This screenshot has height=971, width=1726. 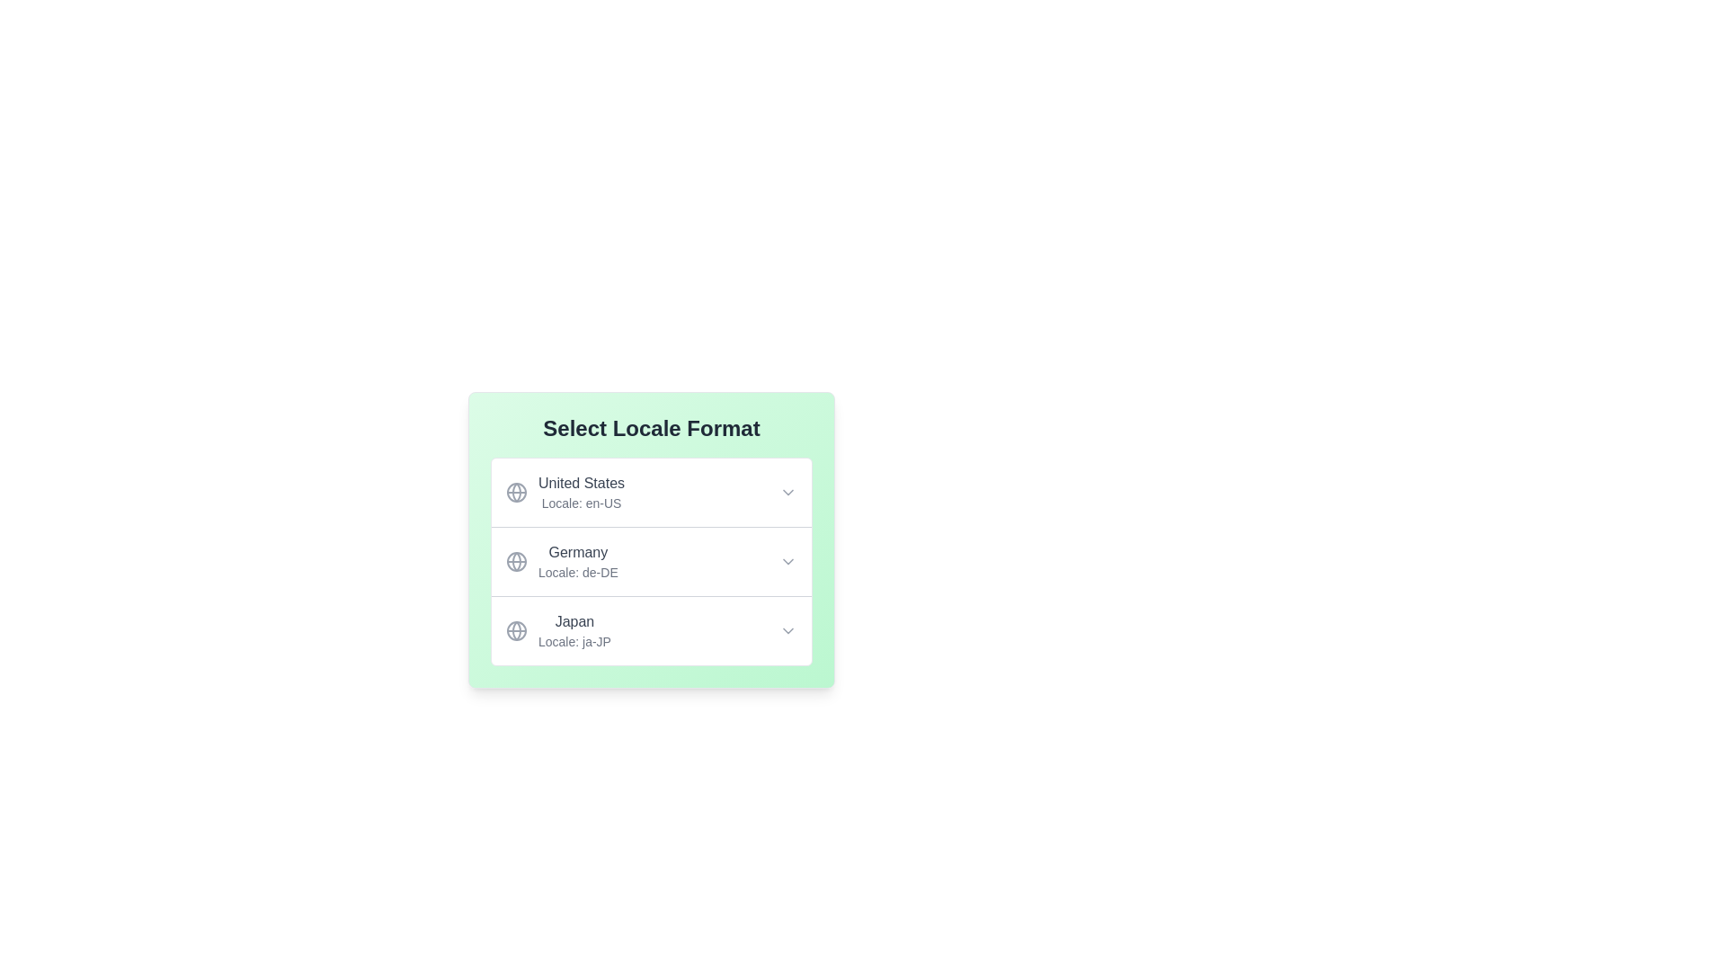 What do you see at coordinates (582, 503) in the screenshot?
I see `the text label displaying locale information for the 'United States', located directly beneath the 'United States' phrase in the list of locale options` at bounding box center [582, 503].